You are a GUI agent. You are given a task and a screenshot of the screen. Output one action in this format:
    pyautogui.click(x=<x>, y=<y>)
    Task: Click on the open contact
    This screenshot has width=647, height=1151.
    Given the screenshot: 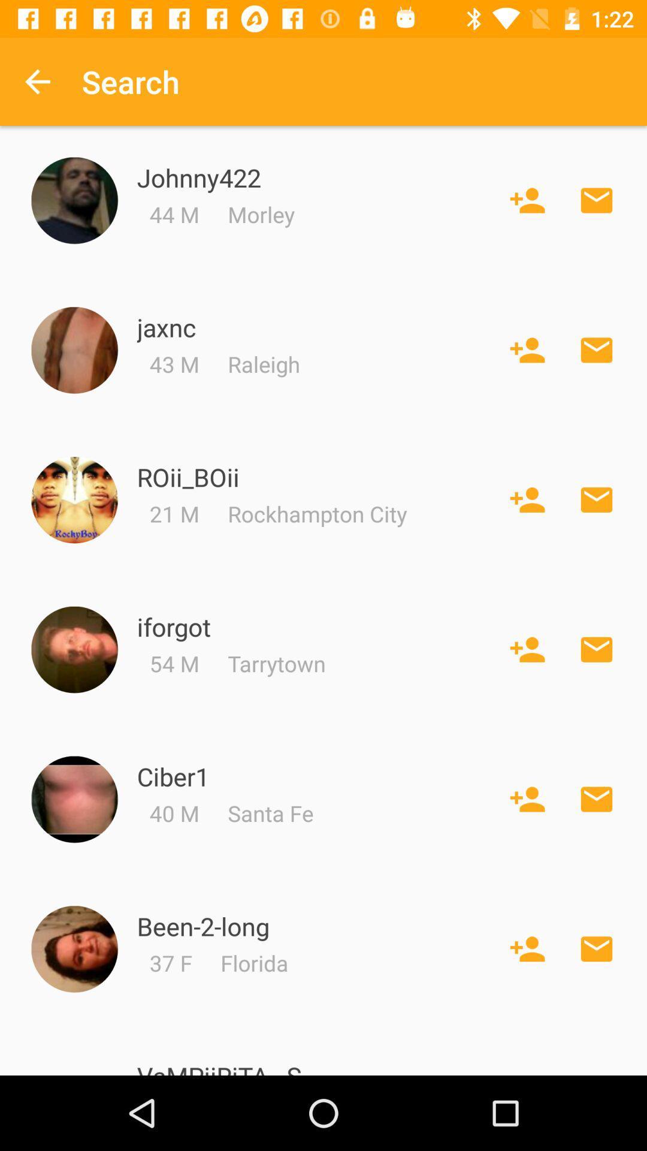 What is the action you would take?
    pyautogui.click(x=74, y=799)
    